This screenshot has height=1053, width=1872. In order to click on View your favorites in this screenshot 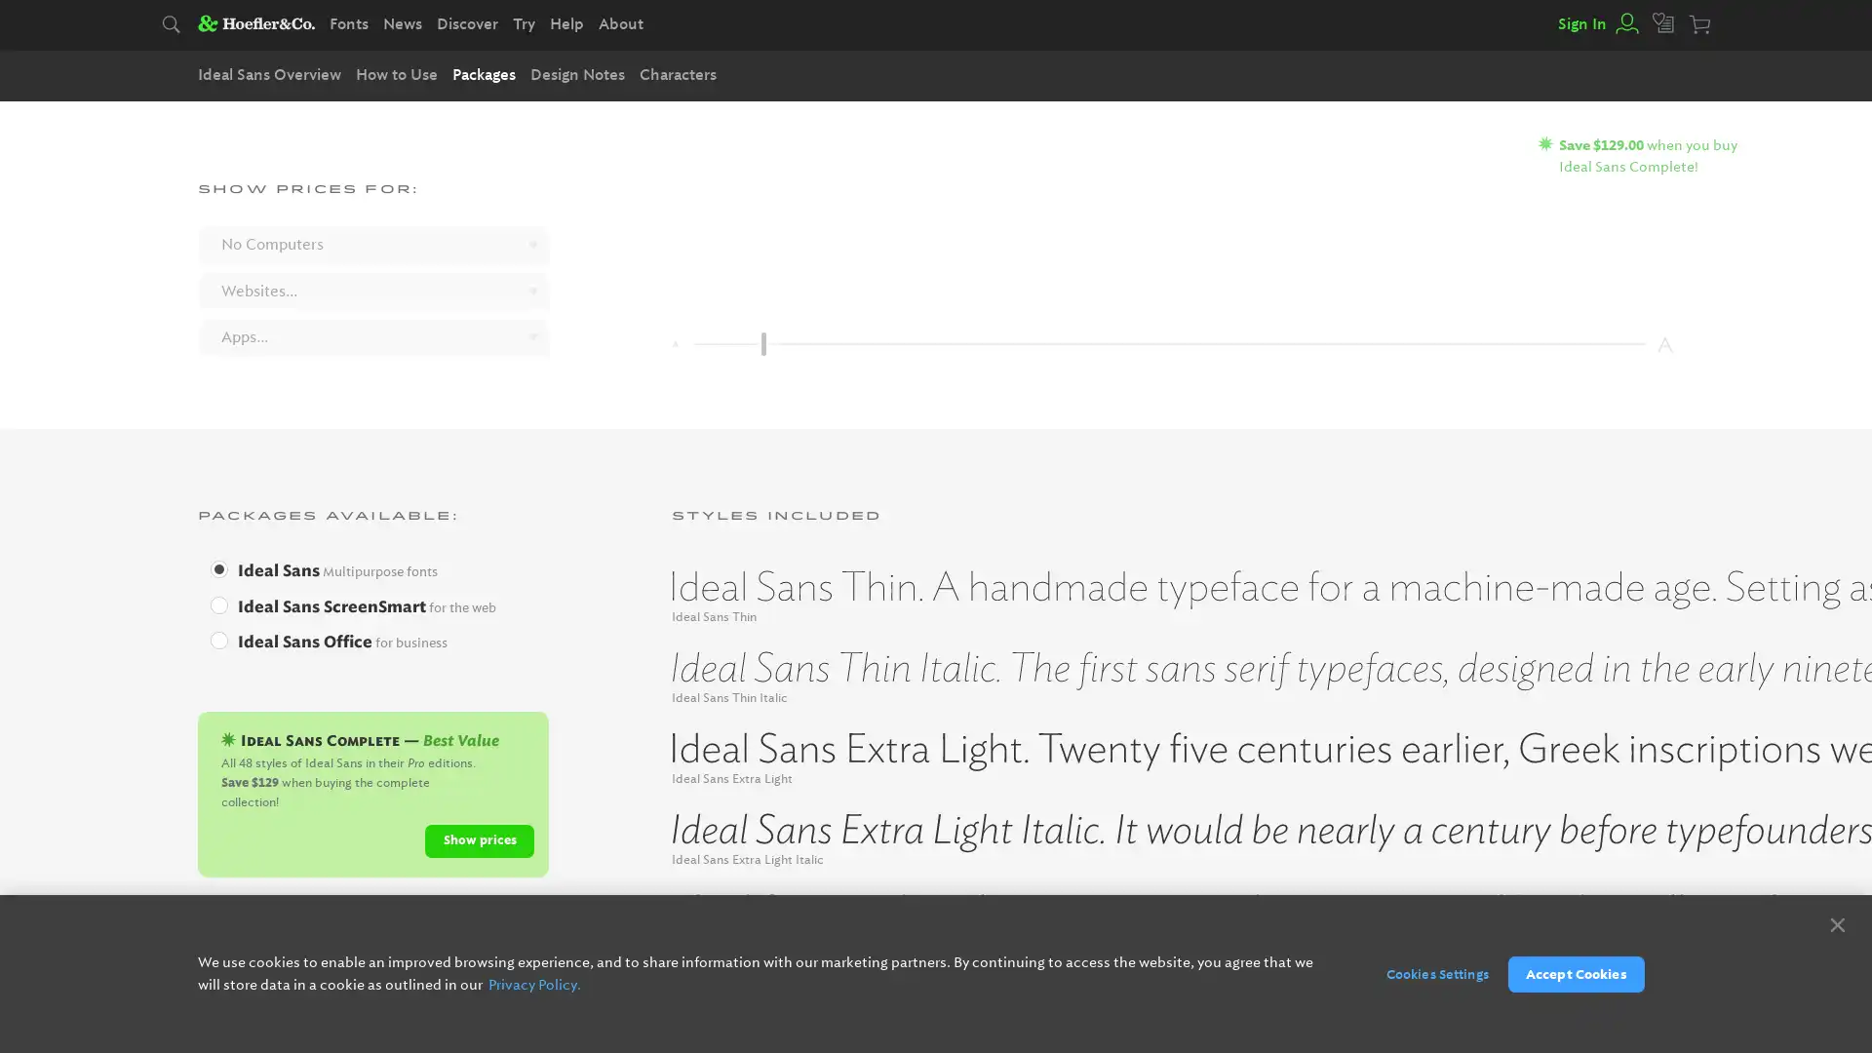, I will do `click(1663, 23)`.